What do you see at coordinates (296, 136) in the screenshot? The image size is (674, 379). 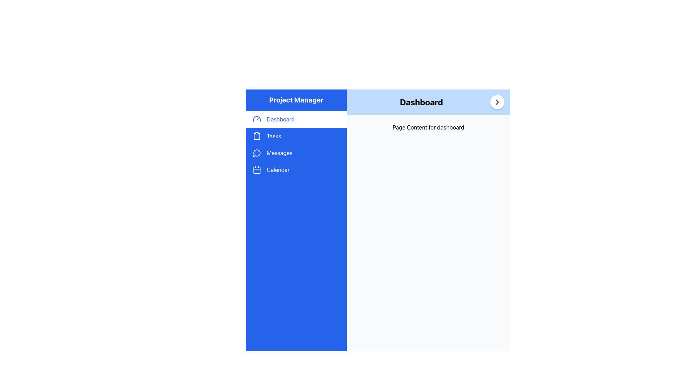 I see `the 'Tasks' button located in the left sidebar, which is the second item in the vertical list of navigation items` at bounding box center [296, 136].